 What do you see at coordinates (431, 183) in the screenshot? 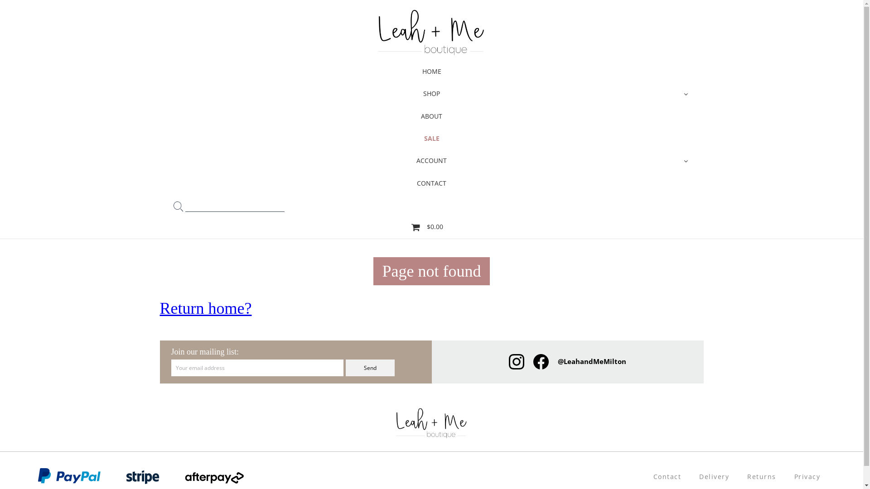
I see `'CONTACT'` at bounding box center [431, 183].